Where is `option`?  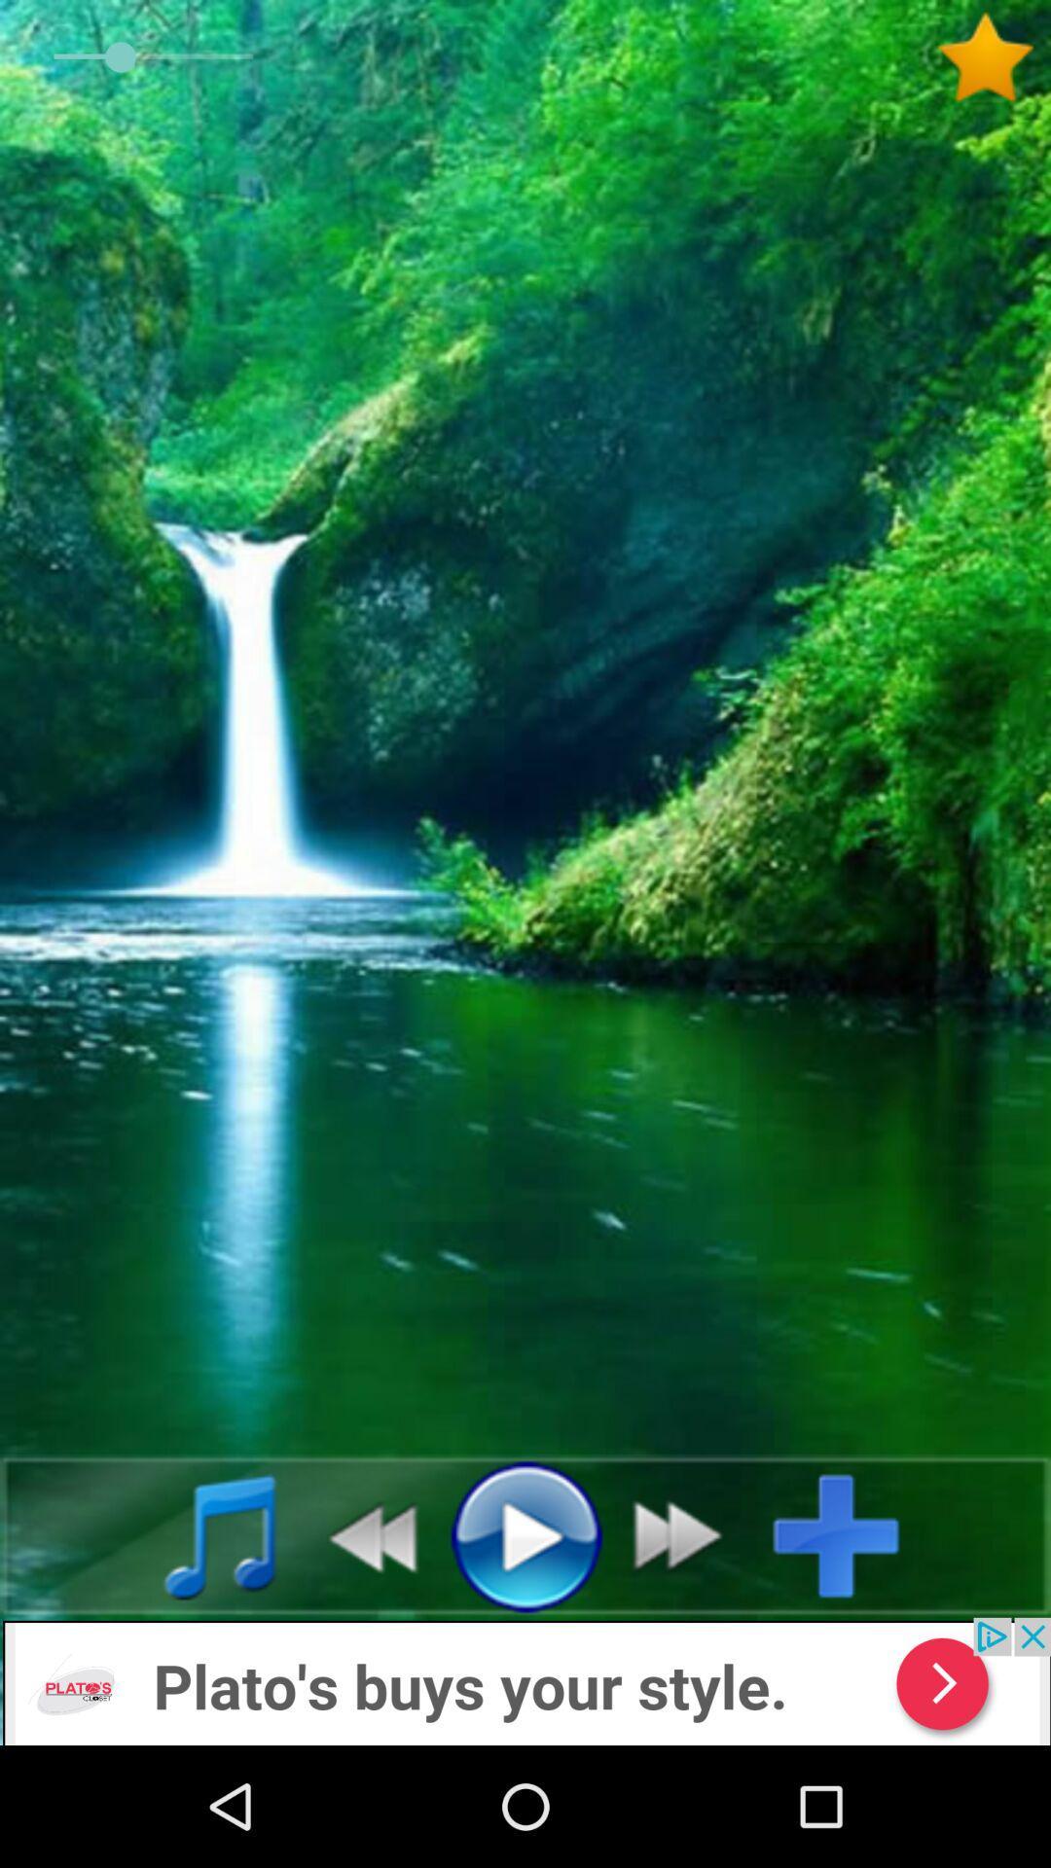 option is located at coordinates (525, 1534).